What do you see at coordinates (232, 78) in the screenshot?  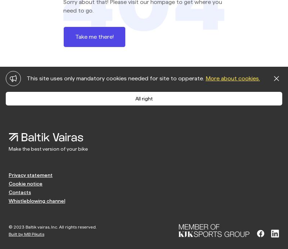 I see `'More about cookies.'` at bounding box center [232, 78].